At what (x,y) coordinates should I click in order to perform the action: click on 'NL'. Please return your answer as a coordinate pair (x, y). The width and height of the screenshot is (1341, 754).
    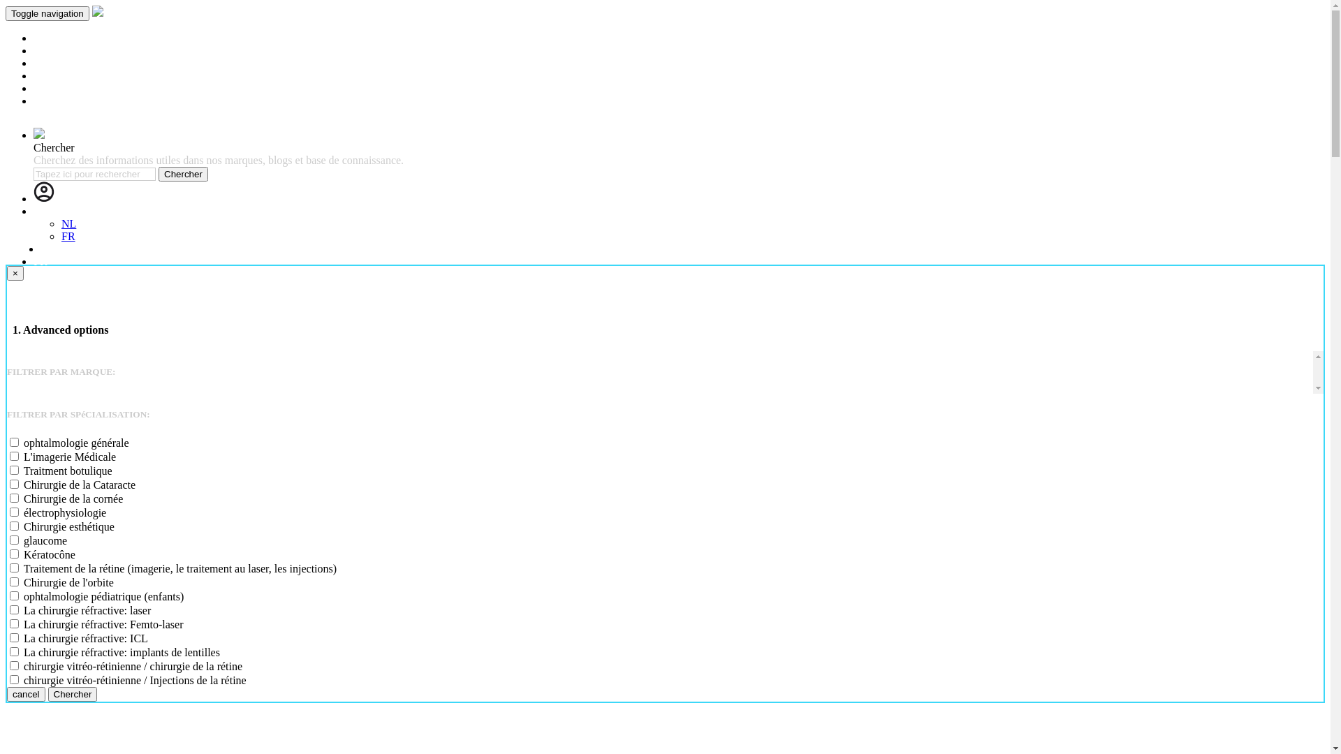
    Looking at the image, I should click on (68, 223).